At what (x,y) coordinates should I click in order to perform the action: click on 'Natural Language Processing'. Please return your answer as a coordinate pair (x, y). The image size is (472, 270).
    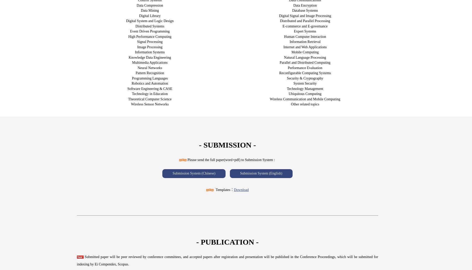
    Looking at the image, I should click on (305, 57).